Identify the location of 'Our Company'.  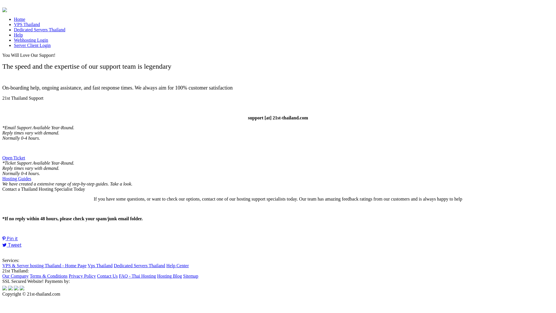
(2, 276).